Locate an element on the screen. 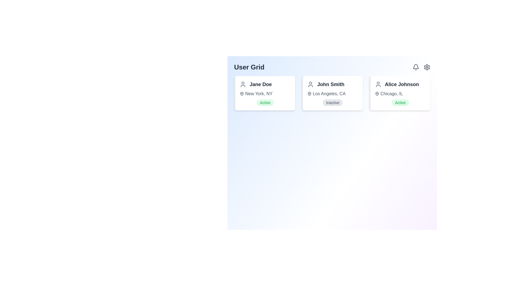 This screenshot has height=299, width=532. the geographic location icon associated with user 'John Smith', which is positioned to the left of the text 'Los Angeles, CA' in the second user card of the user grid is located at coordinates (309, 94).